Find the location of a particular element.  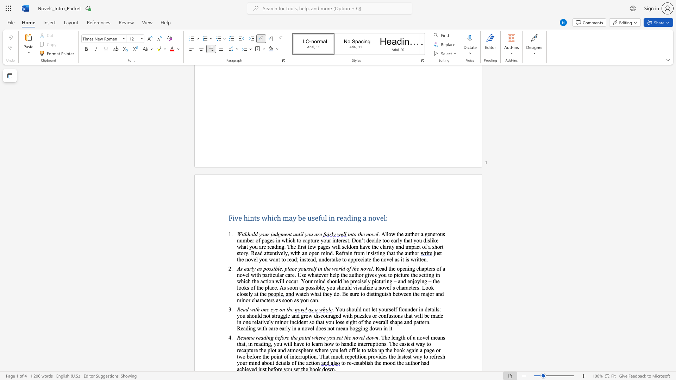

the subset text "rs as soon as you" within the text "watch what they do. Be sure to distinguish between the major and minor characters as soon as you can." is located at coordinates (270, 300).